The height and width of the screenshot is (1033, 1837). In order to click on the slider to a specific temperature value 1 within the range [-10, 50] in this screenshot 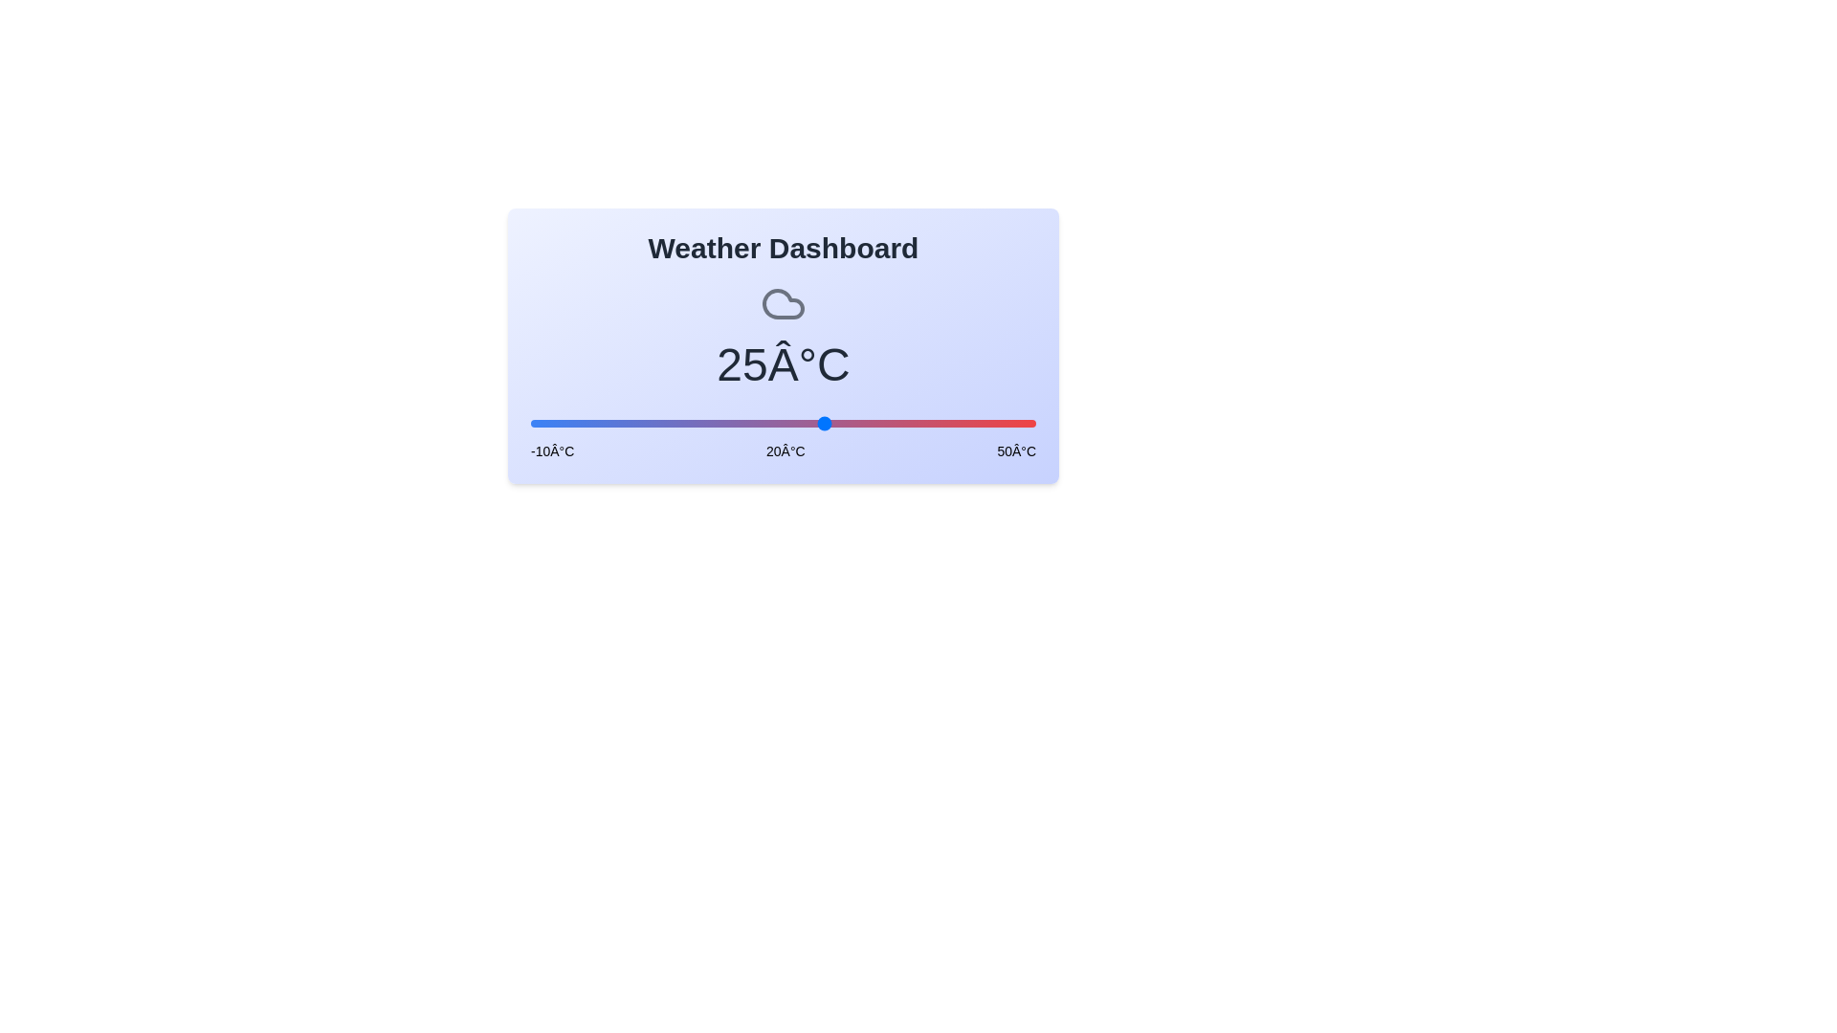, I will do `click(623, 423)`.